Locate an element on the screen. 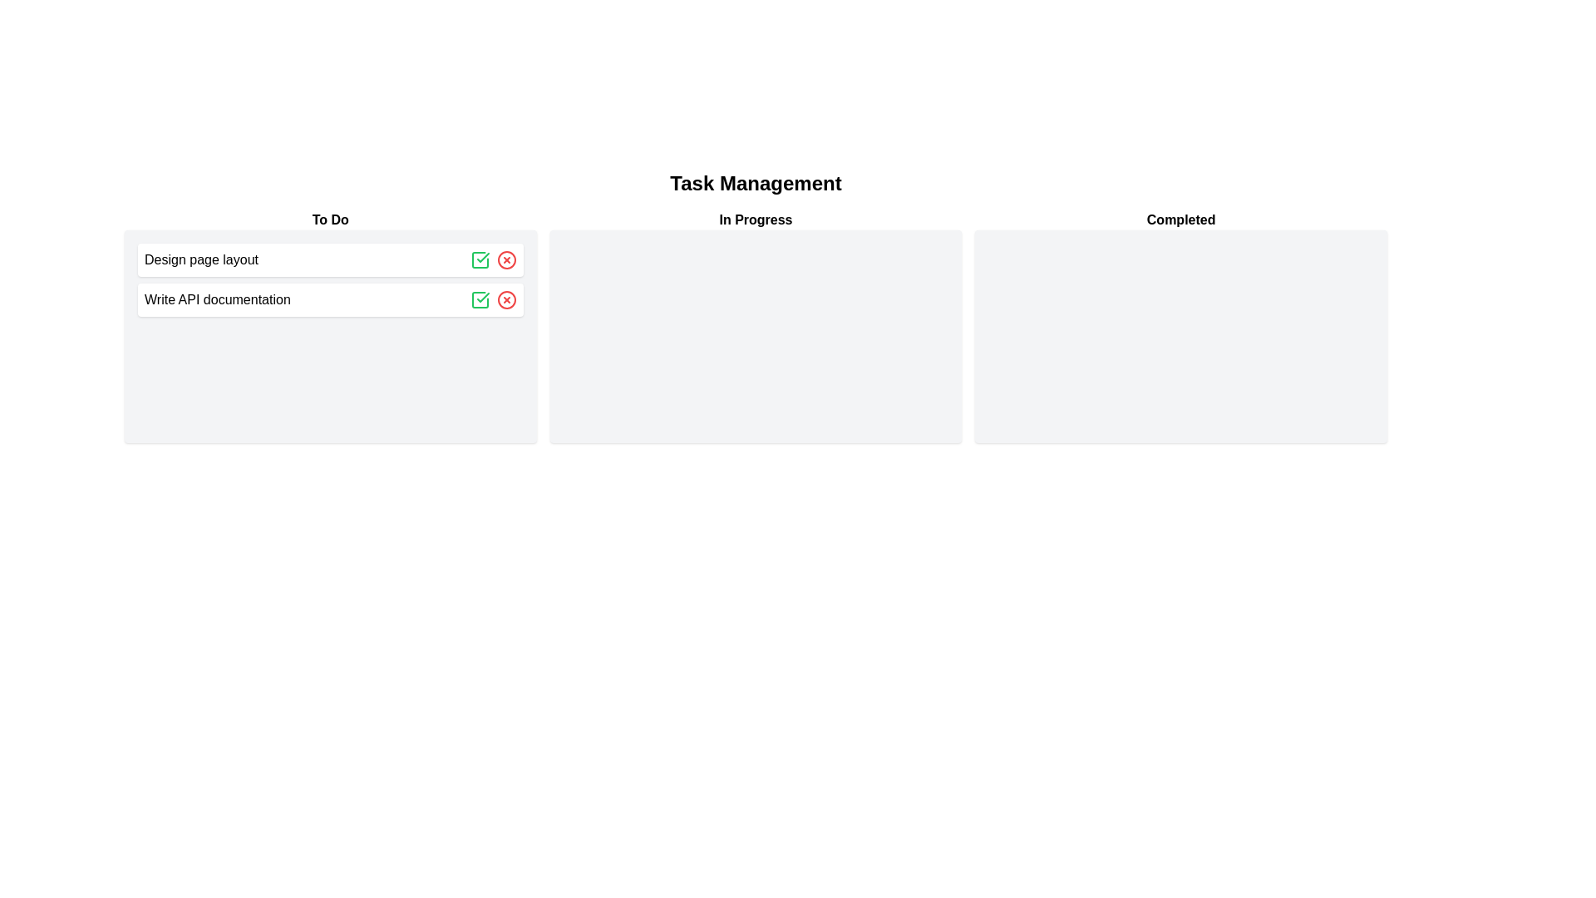 This screenshot has height=898, width=1596. the header labeled 'To Do' to interact with it is located at coordinates (330, 220).